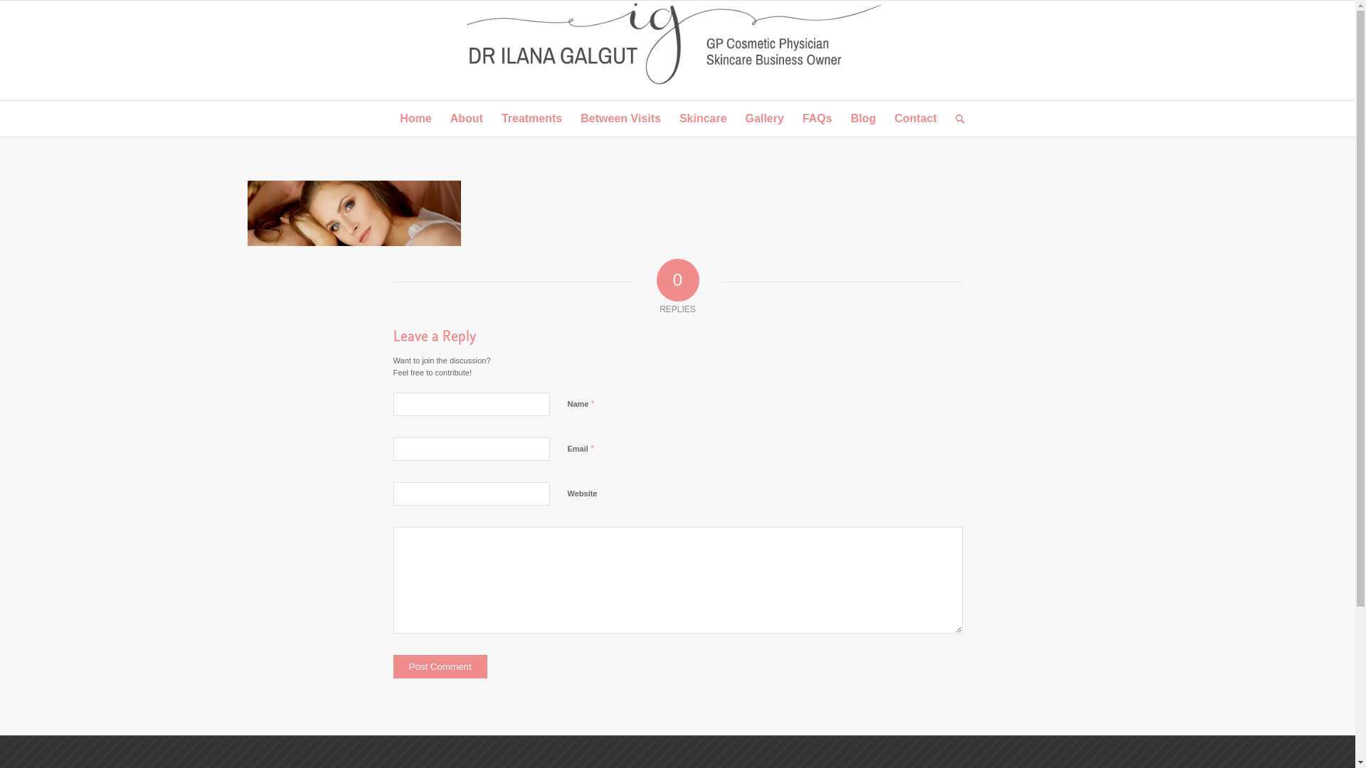  Describe the element at coordinates (439, 666) in the screenshot. I see `'Post Comment'` at that location.